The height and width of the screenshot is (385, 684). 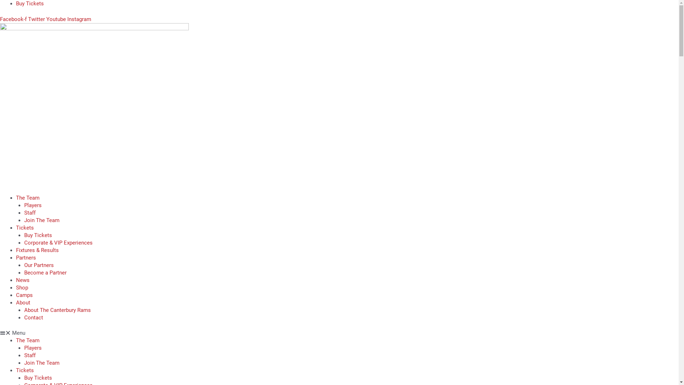 What do you see at coordinates (58, 242) in the screenshot?
I see `'Corporate & VIP Experiences'` at bounding box center [58, 242].